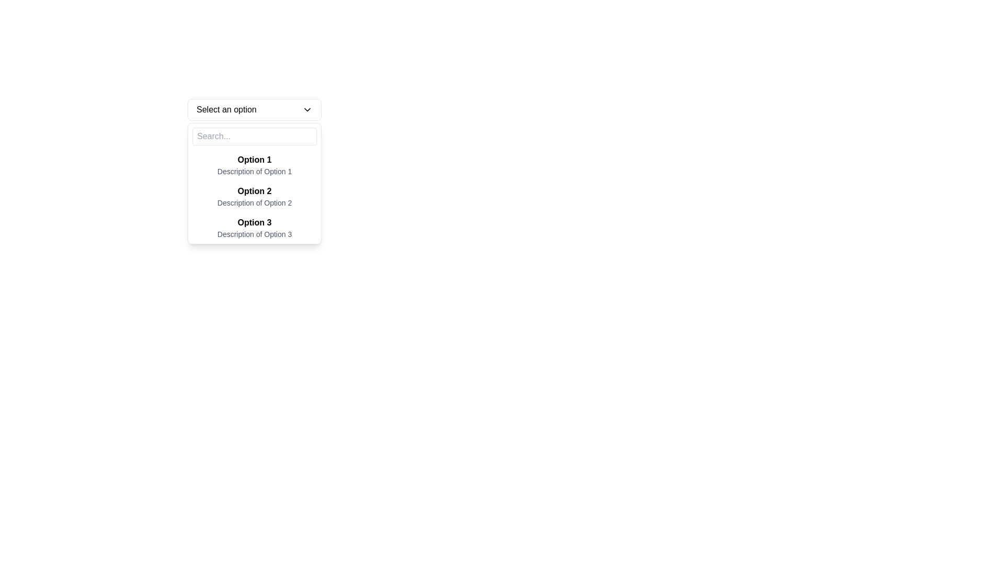 This screenshot has height=565, width=1004. I want to click on the downwards chevron icon next to the 'Select an option' label, so click(307, 109).